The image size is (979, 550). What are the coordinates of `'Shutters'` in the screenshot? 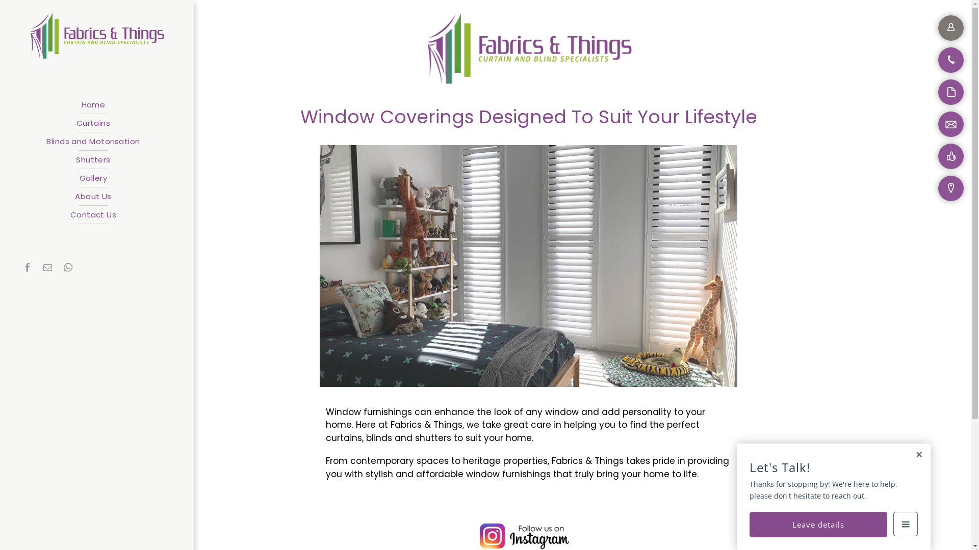 It's located at (93, 159).